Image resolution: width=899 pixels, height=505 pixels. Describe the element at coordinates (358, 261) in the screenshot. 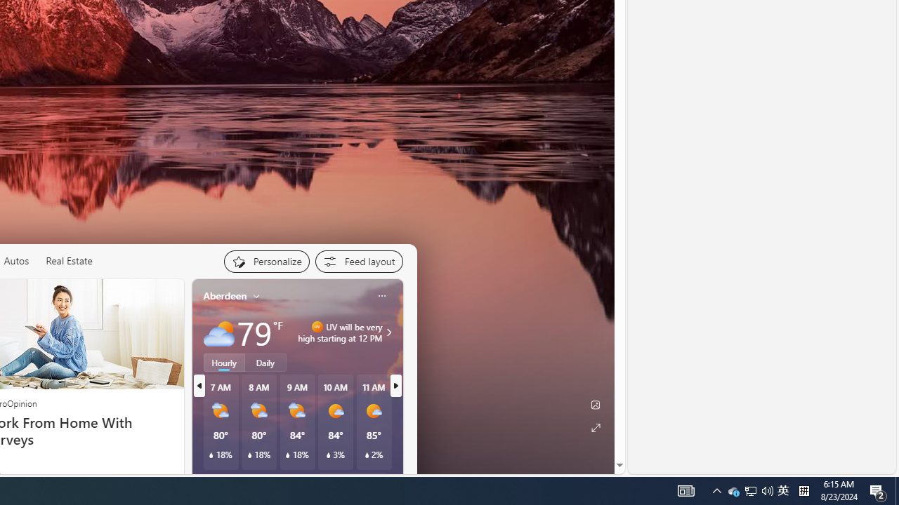

I see `'Feed settings'` at that location.